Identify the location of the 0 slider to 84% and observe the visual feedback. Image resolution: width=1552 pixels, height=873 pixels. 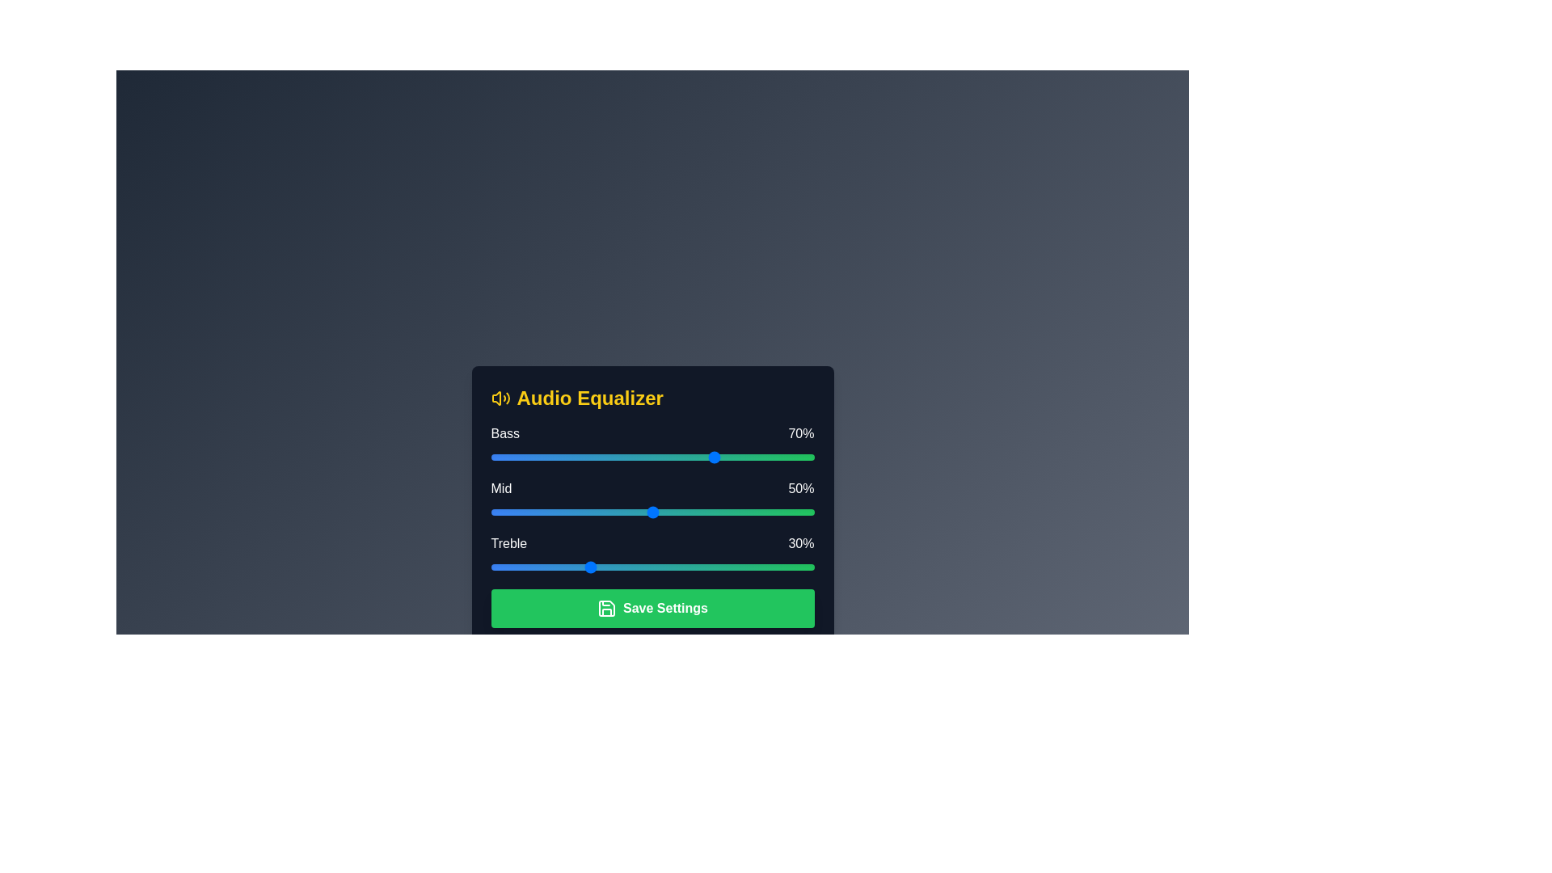
(761, 458).